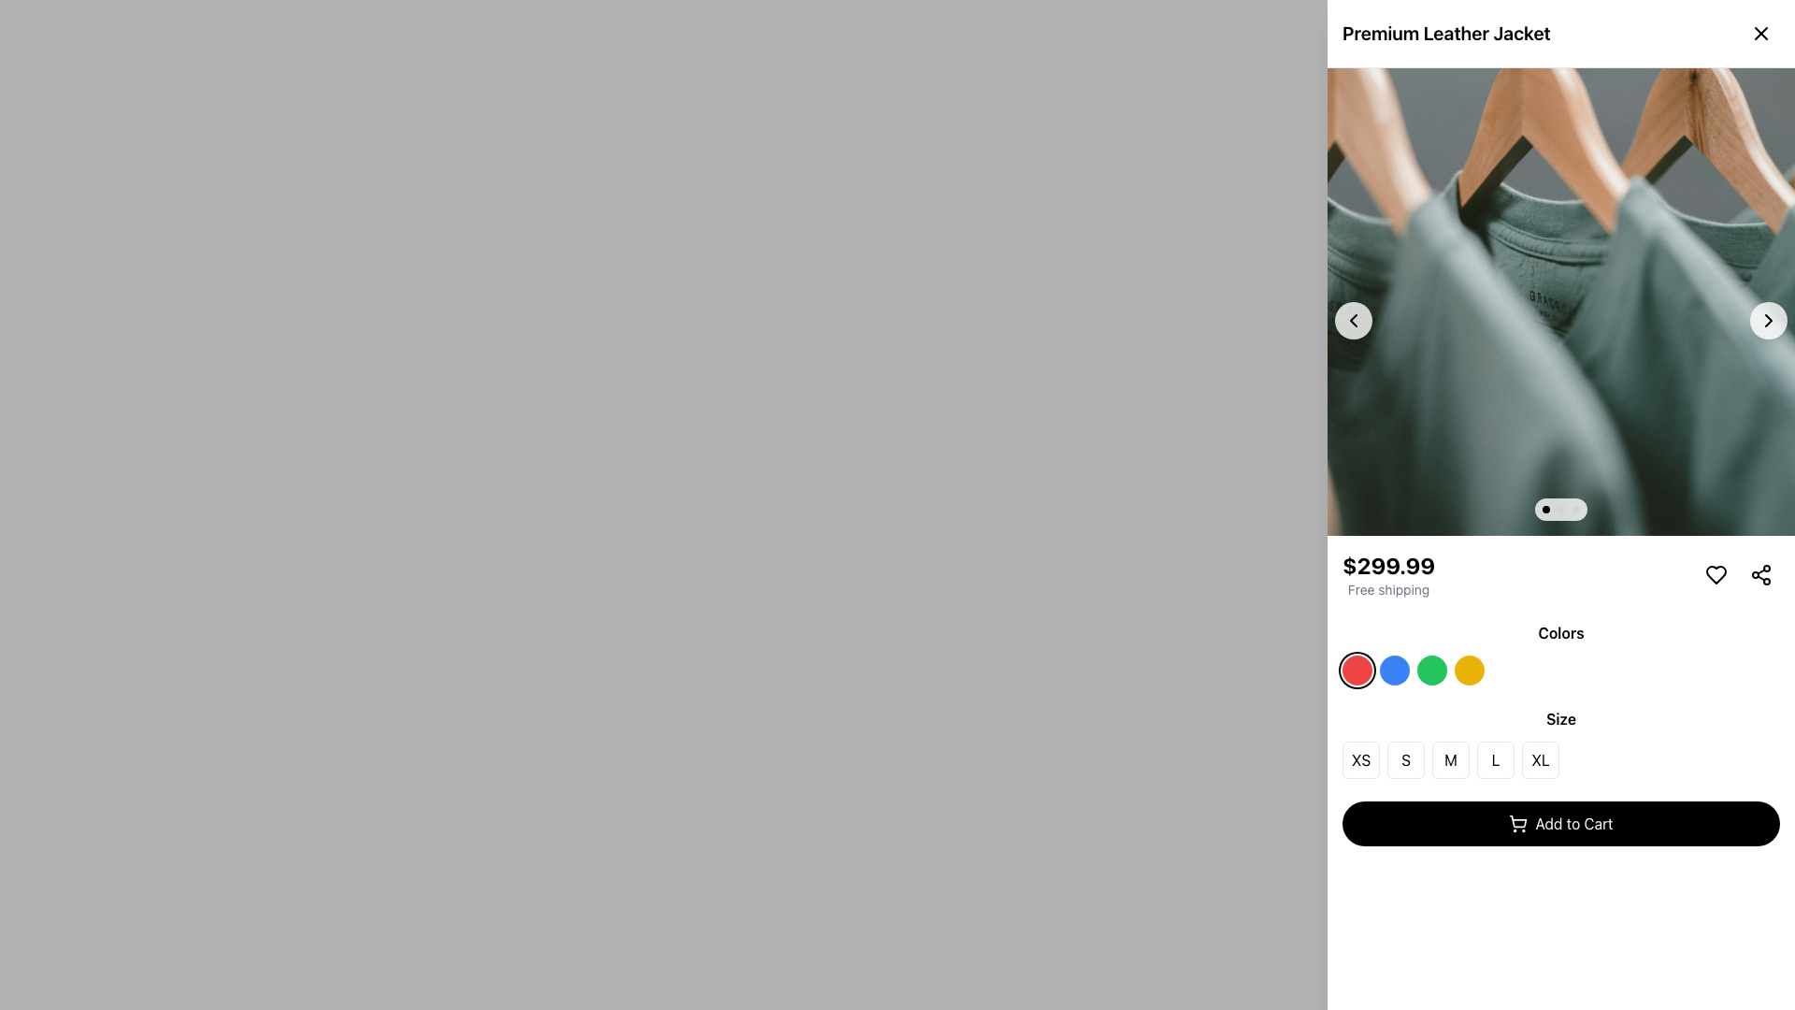 Image resolution: width=1795 pixels, height=1010 pixels. What do you see at coordinates (1354, 320) in the screenshot?
I see `the circular previous navigation button located on the left side of the image of hanging jackets` at bounding box center [1354, 320].